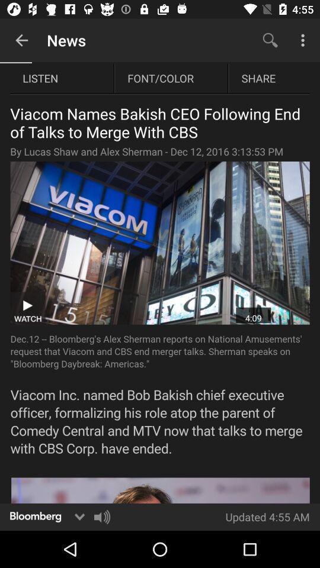 Image resolution: width=320 pixels, height=568 pixels. I want to click on the volume icon, so click(102, 516).